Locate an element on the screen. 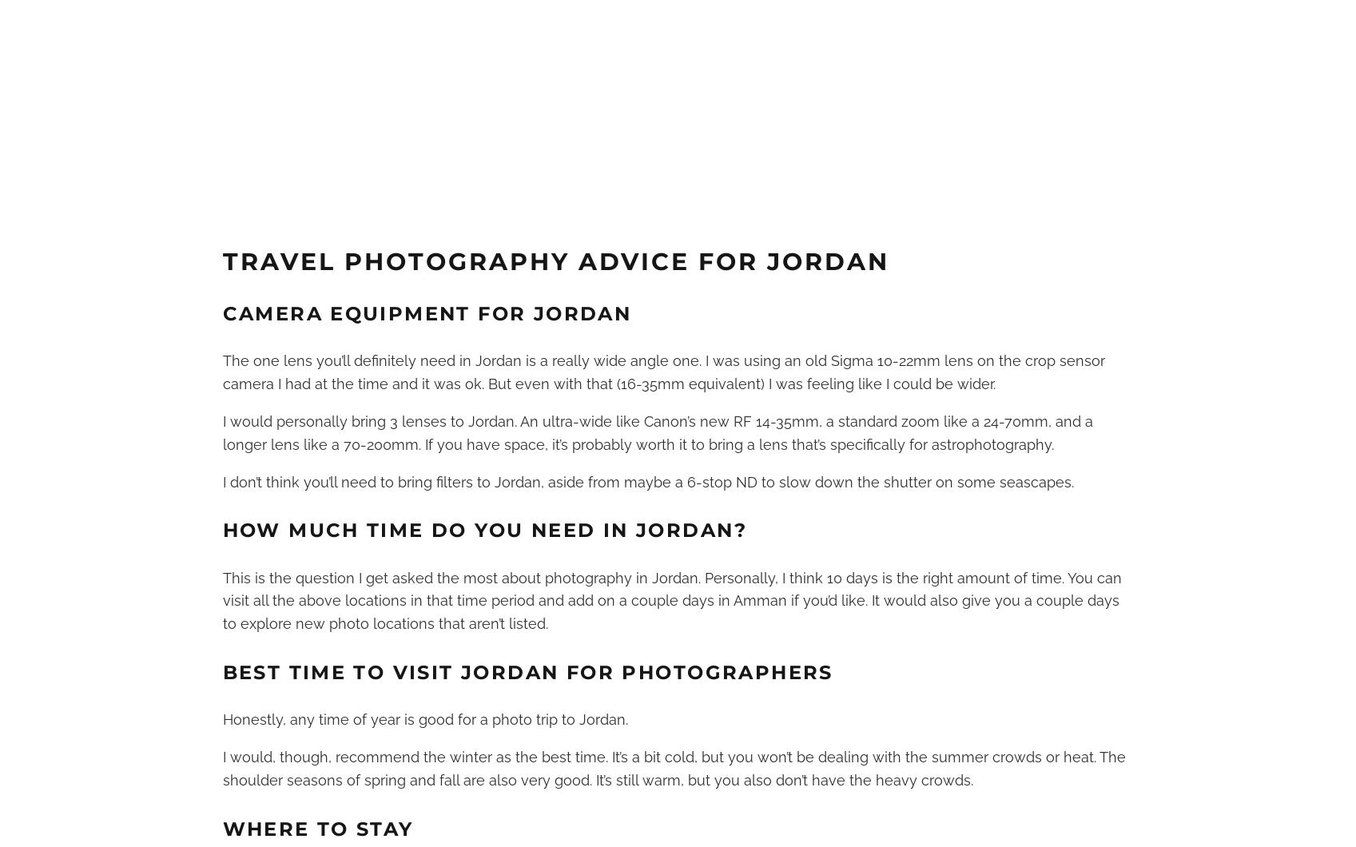 The height and width of the screenshot is (847, 1356). 'Where to Stay' is located at coordinates (316, 827).